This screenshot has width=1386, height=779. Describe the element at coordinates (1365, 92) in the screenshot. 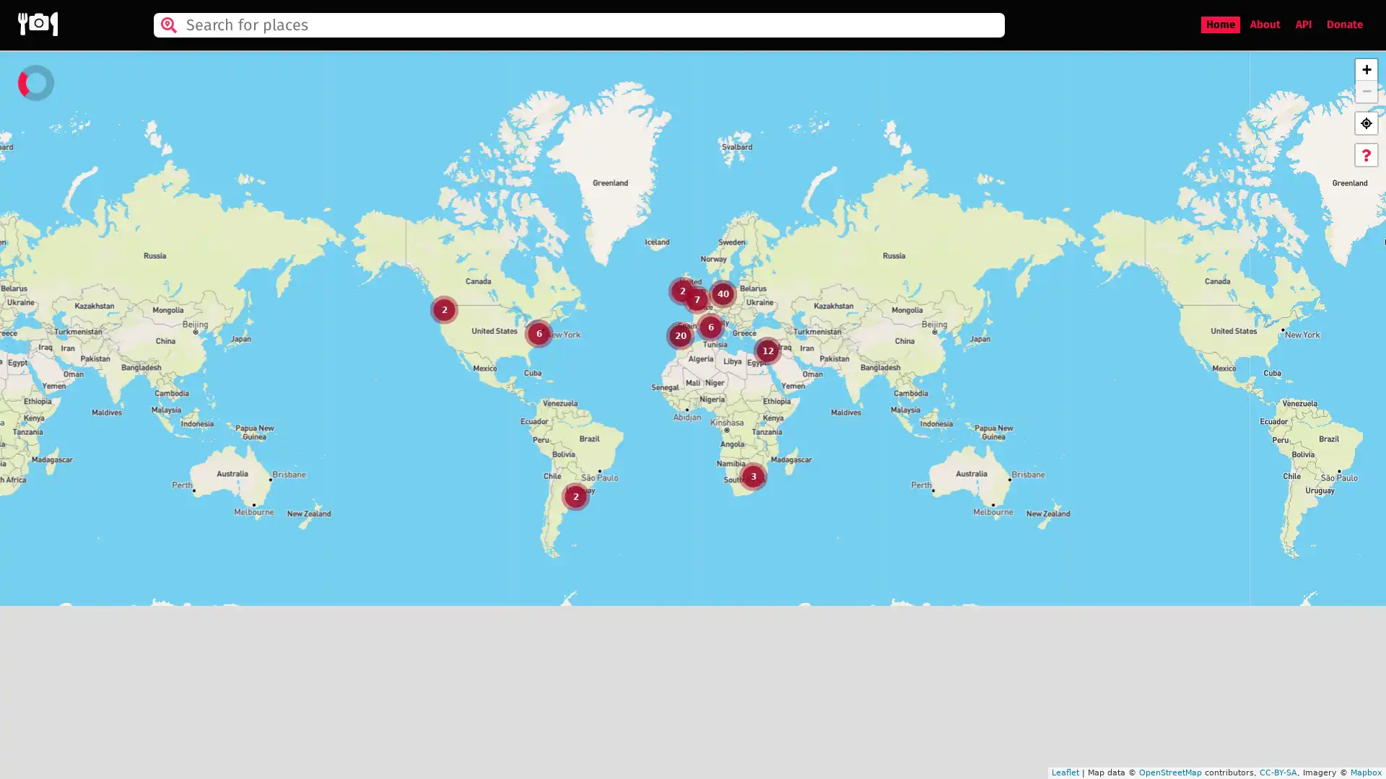

I see `Zoom out` at that location.